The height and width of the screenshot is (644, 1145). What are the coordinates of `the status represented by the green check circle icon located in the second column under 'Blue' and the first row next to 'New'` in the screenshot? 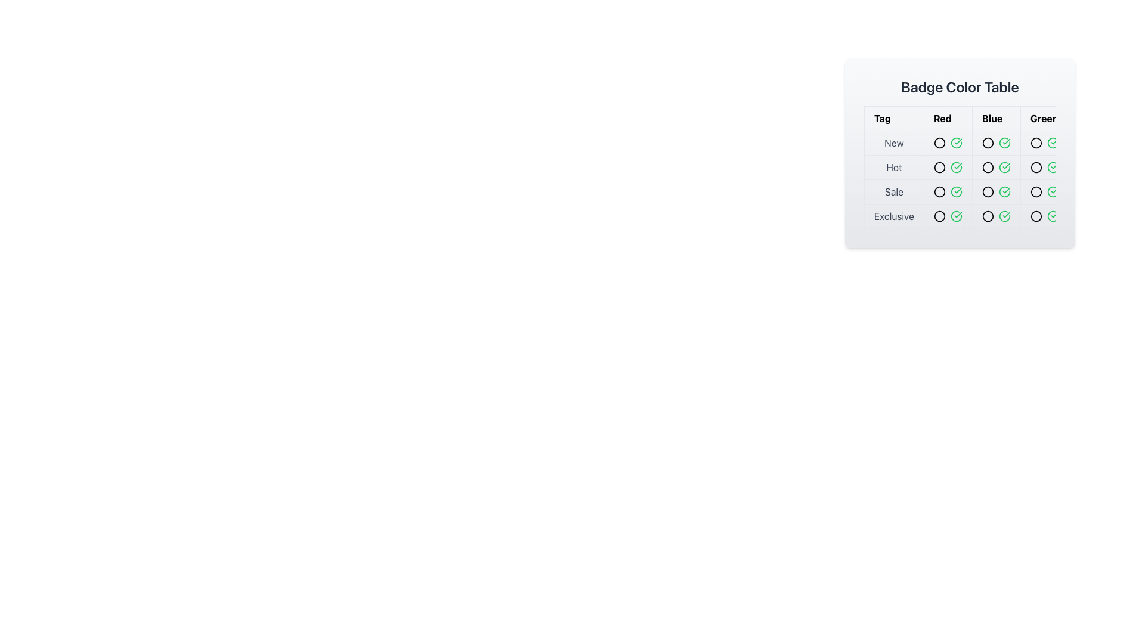 It's located at (1004, 142).